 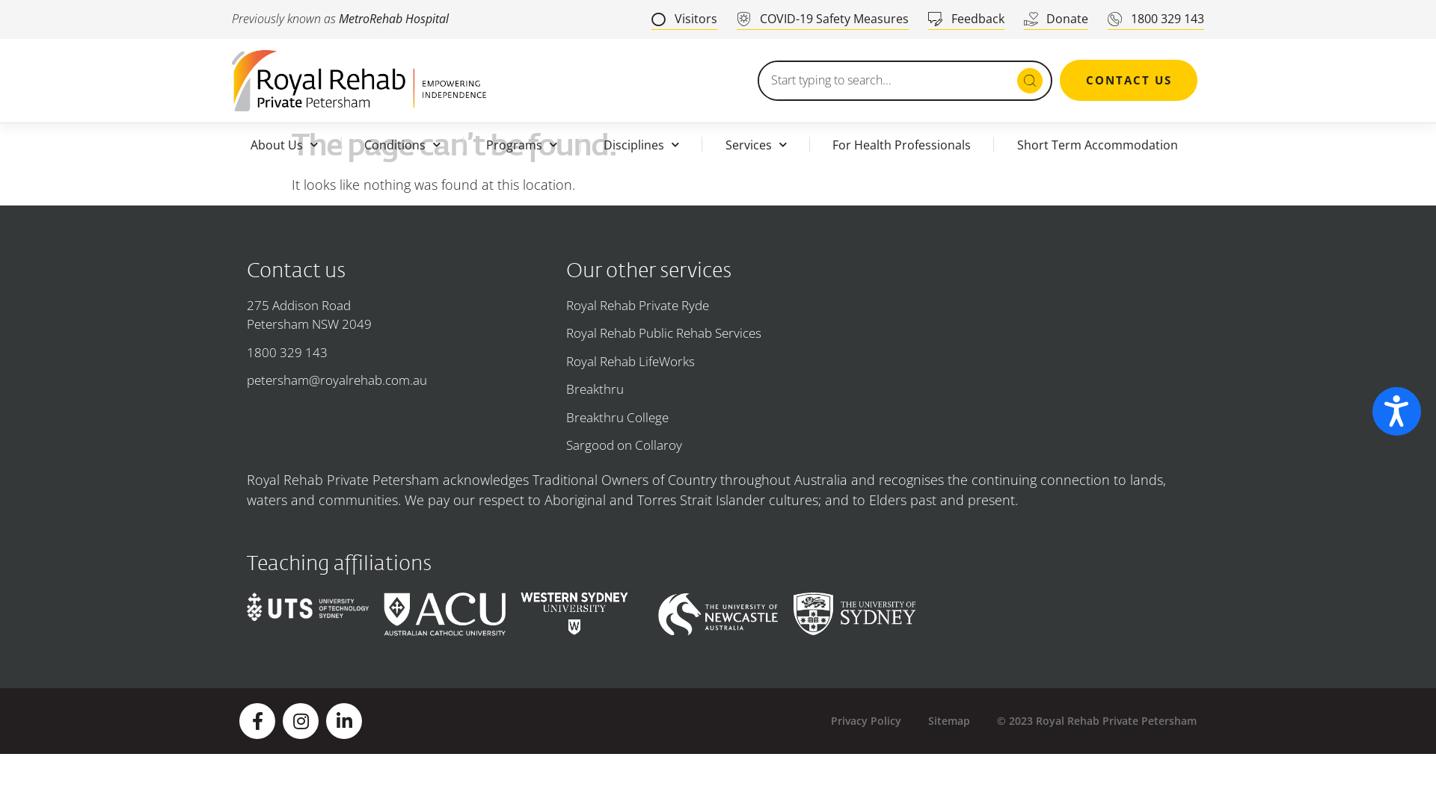 What do you see at coordinates (1128, 80) in the screenshot?
I see `'CONTACT US'` at bounding box center [1128, 80].